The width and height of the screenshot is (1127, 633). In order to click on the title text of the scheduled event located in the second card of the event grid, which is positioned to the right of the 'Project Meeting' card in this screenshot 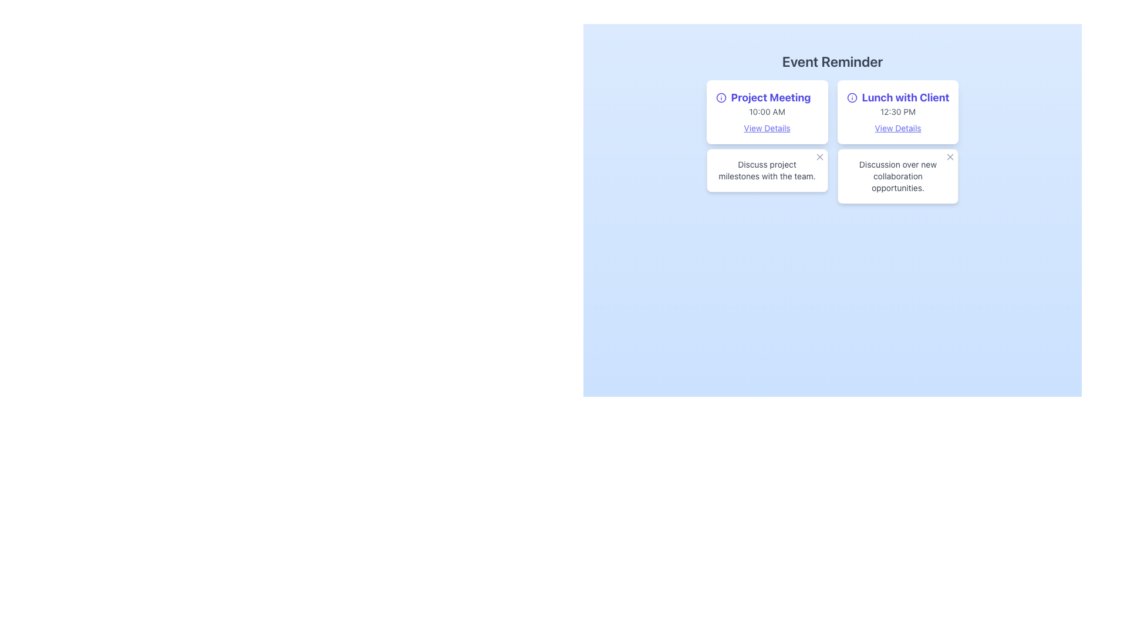, I will do `click(897, 97)`.